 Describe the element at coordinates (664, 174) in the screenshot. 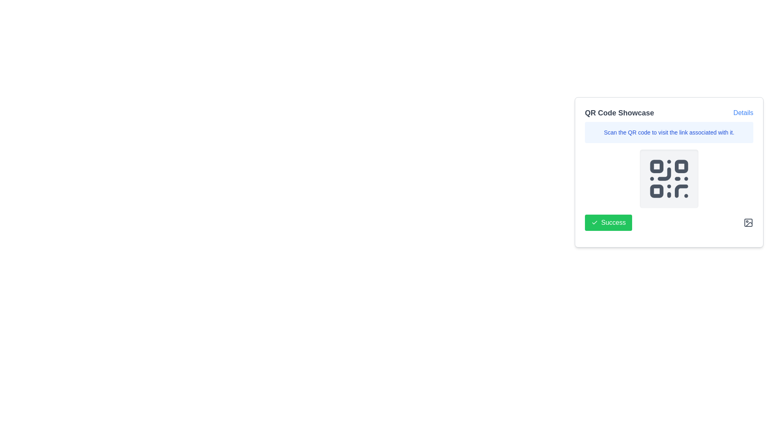

I see `the curved-line graphical element within the QR code design located in the bottom left quadrant` at that location.